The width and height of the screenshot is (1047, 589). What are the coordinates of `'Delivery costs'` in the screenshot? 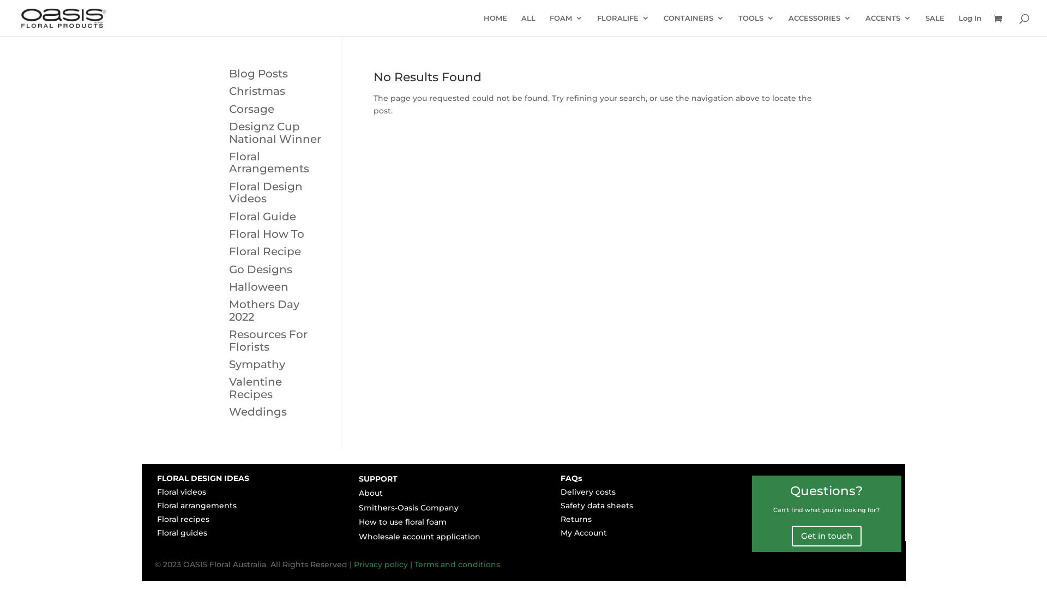 It's located at (587, 492).